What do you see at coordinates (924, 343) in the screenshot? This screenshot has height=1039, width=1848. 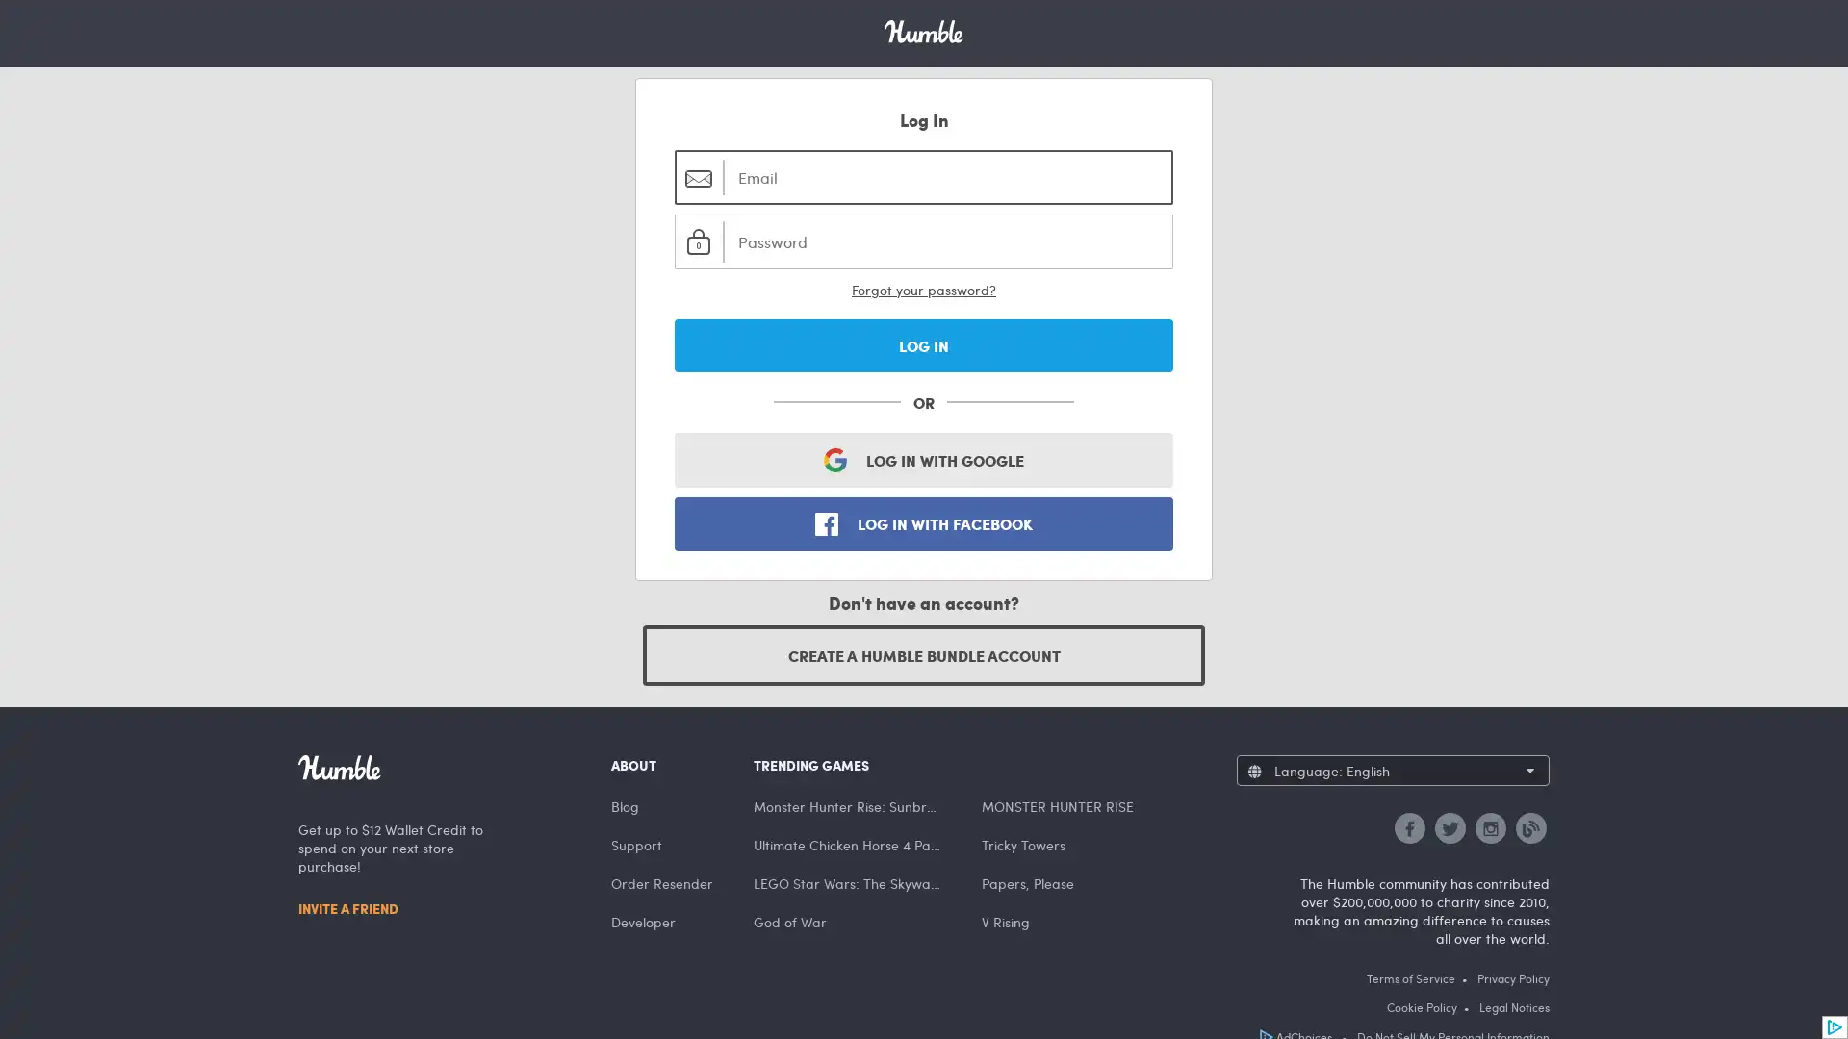 I see `LOG IN` at bounding box center [924, 343].